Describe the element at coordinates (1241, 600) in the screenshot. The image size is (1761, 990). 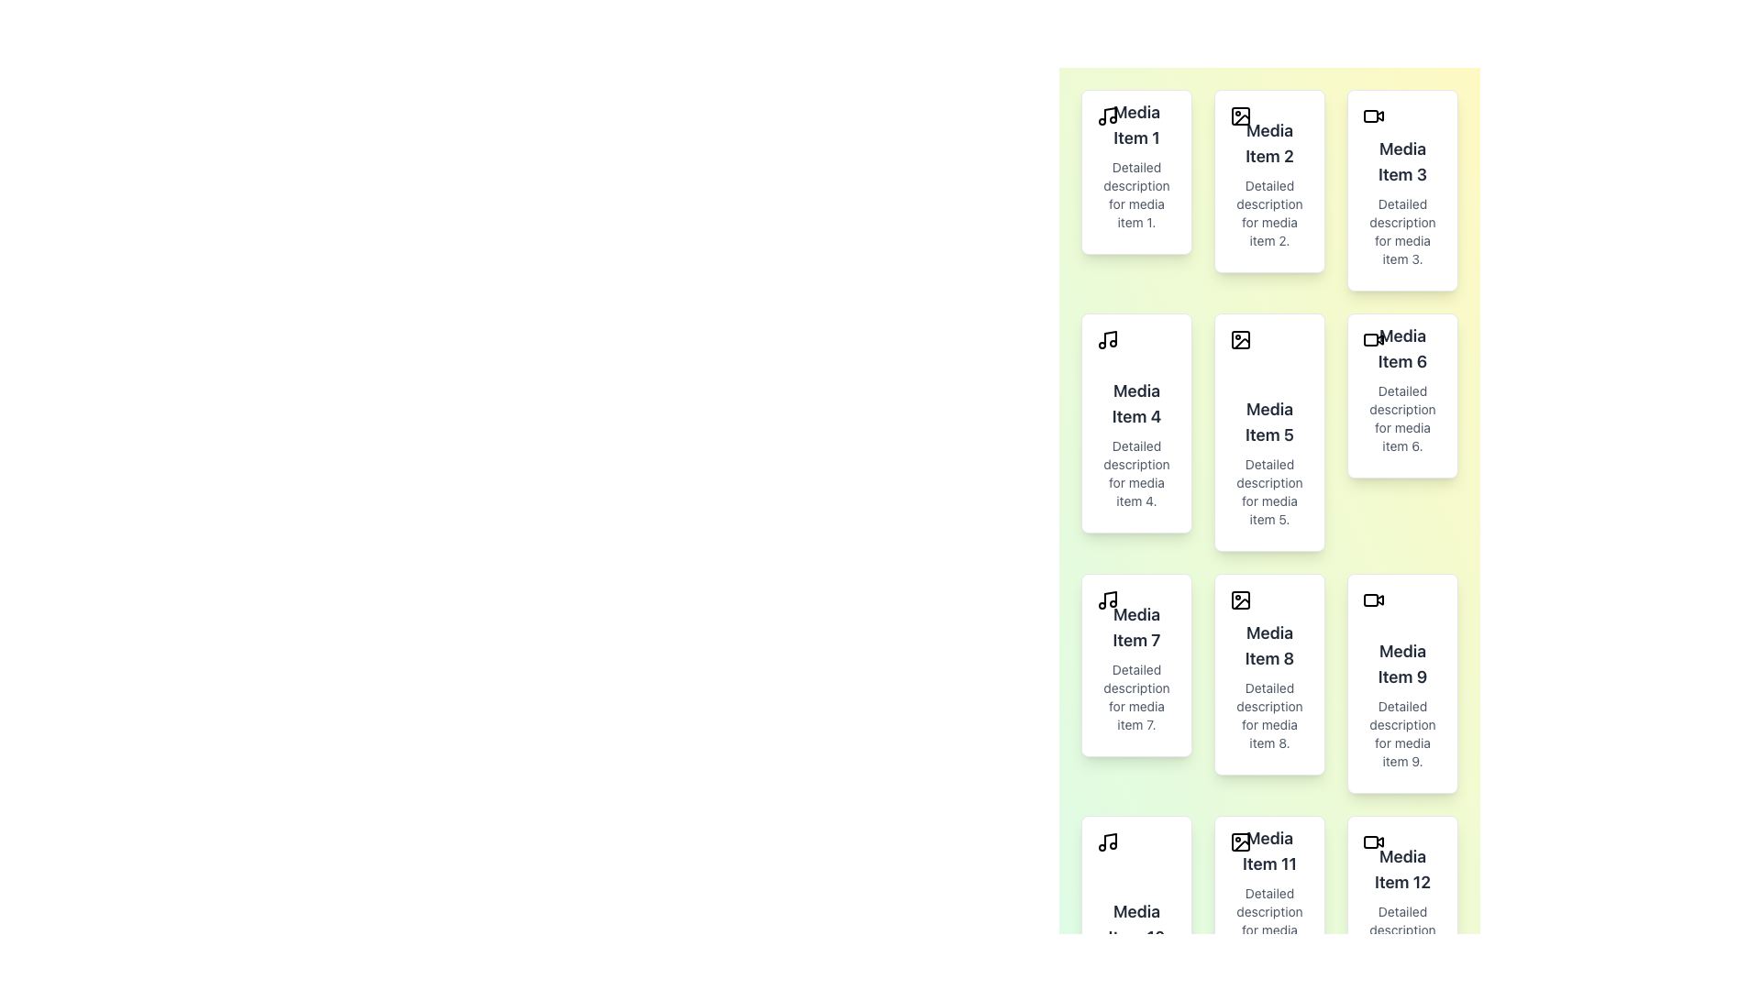
I see `the missing image icon located at the top-left corner of the card for 'Media Item 8', which is` at that location.